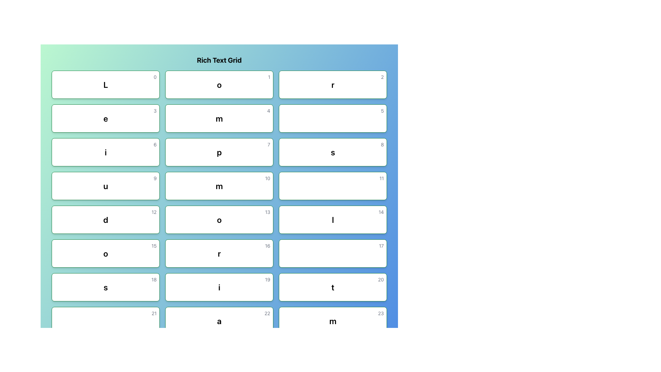  What do you see at coordinates (268, 110) in the screenshot?
I see `the numeral '4' in gray located at the top-right corner of the rectangular box containing the bold letter 'm'` at bounding box center [268, 110].